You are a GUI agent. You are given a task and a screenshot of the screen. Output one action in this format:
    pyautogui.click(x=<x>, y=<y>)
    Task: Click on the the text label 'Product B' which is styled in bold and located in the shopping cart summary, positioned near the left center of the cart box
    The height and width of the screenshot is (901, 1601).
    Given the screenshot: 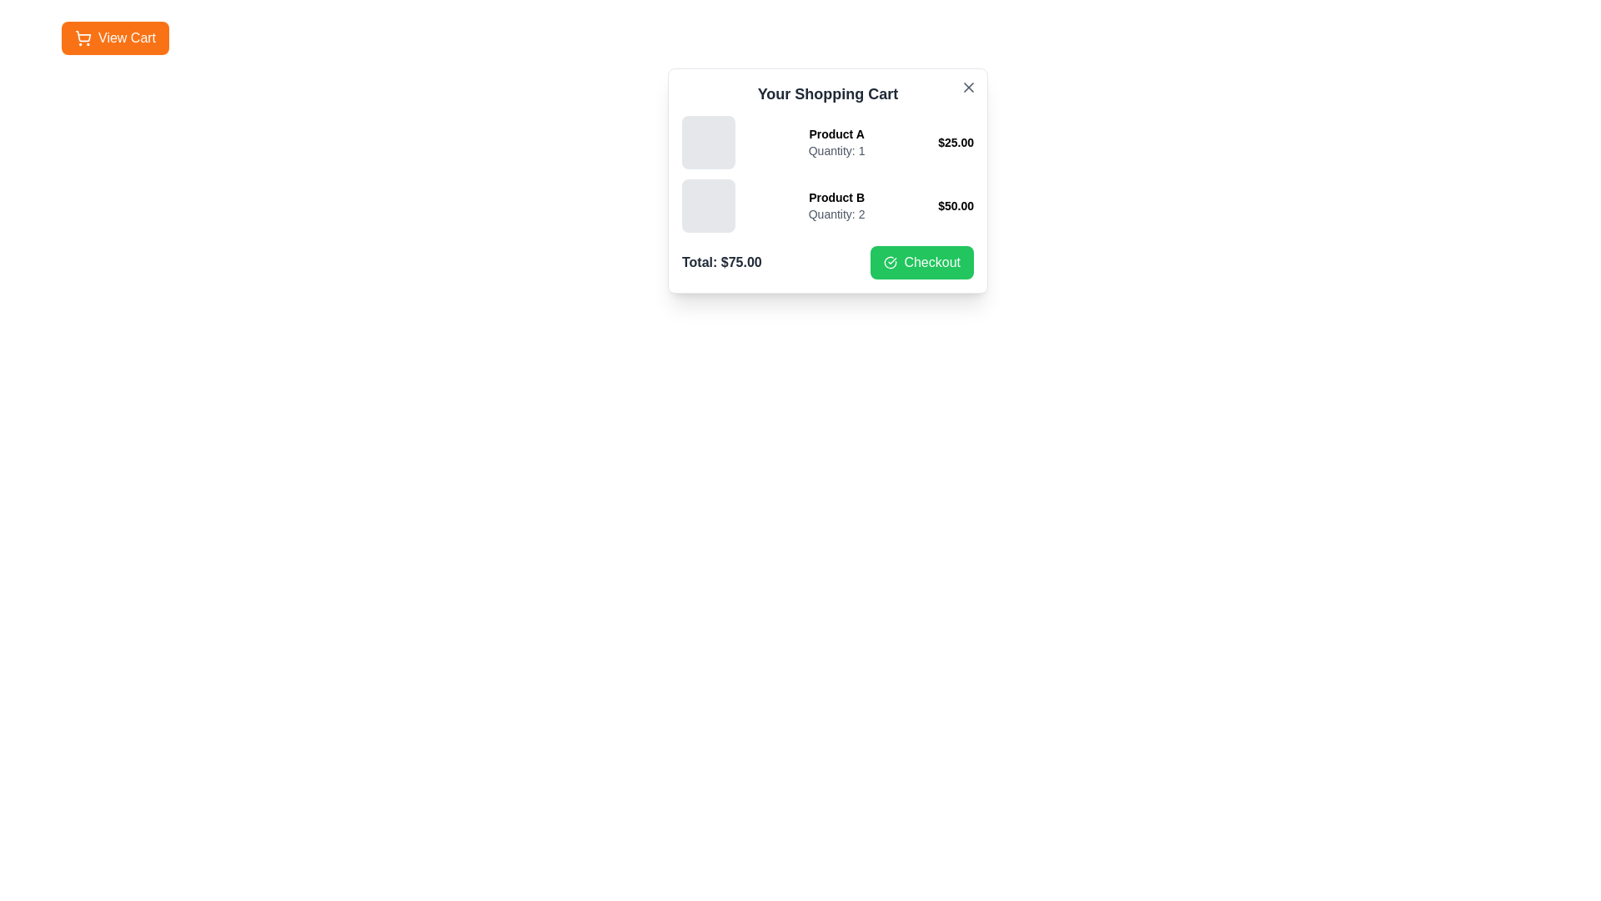 What is the action you would take?
    pyautogui.click(x=836, y=196)
    